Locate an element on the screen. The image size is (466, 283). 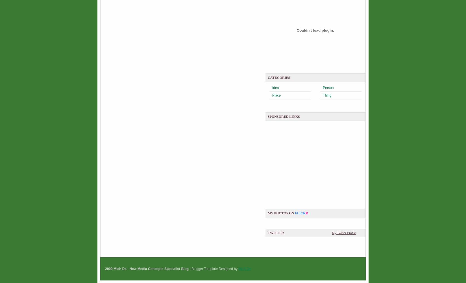
'flick' is located at coordinates (300, 213).